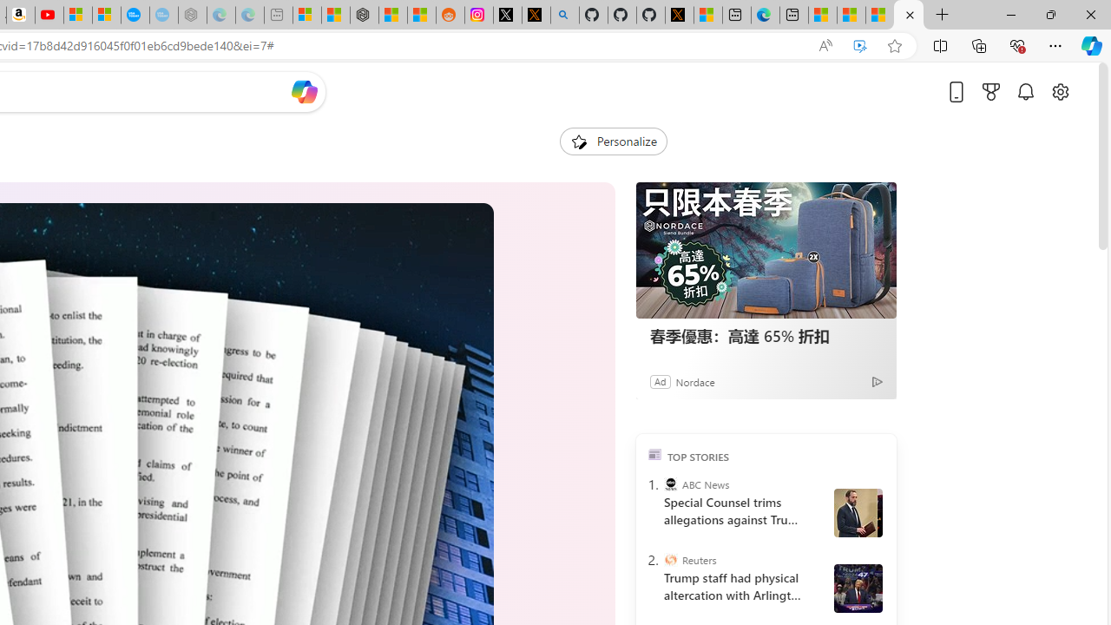 This screenshot has height=625, width=1111. What do you see at coordinates (134, 15) in the screenshot?
I see `'Opinion: Op-Ed and Commentary - USA TODAY'` at bounding box center [134, 15].